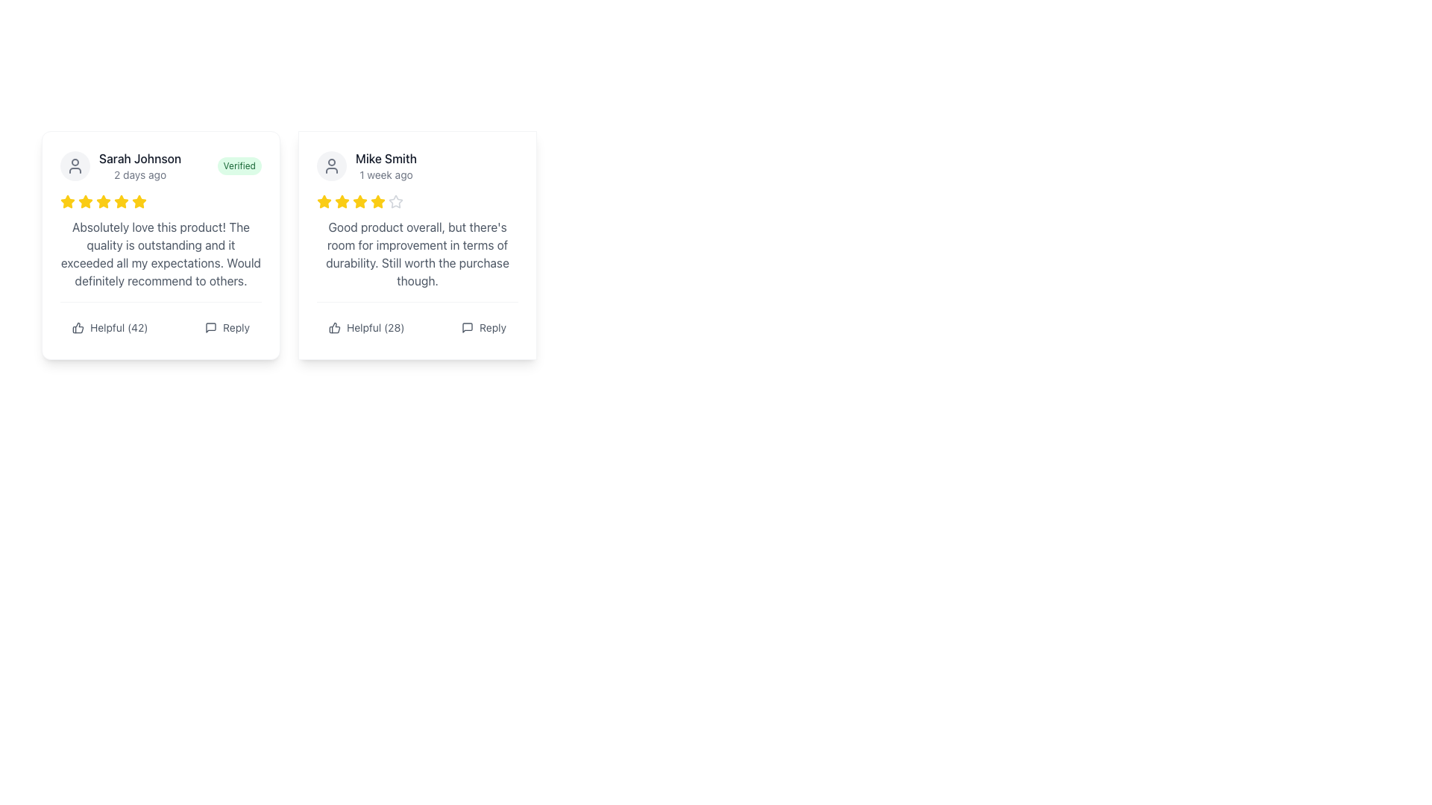  What do you see at coordinates (78, 326) in the screenshot?
I see `the small thumbs-up icon located to the left of the 'Helpful (42)' text to like the review` at bounding box center [78, 326].